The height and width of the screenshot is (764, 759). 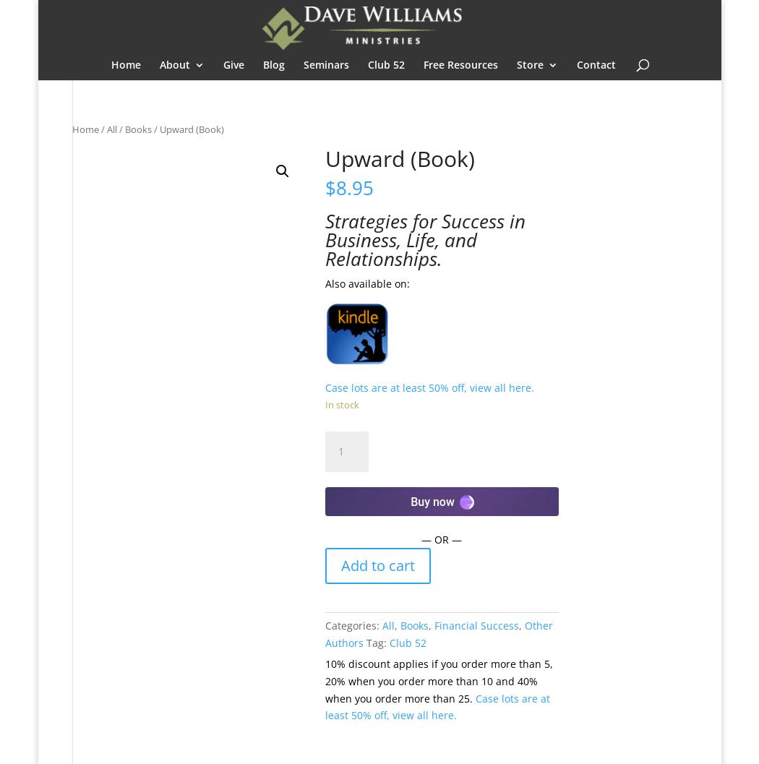 What do you see at coordinates (220, 275) in the screenshot?
I see `'Press Packet'` at bounding box center [220, 275].